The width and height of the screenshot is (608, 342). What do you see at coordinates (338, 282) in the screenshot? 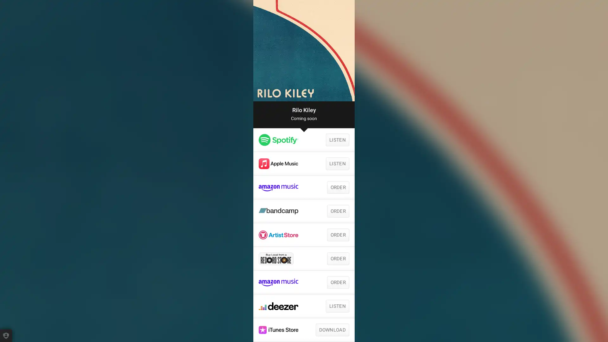
I see `ORDER` at bounding box center [338, 282].